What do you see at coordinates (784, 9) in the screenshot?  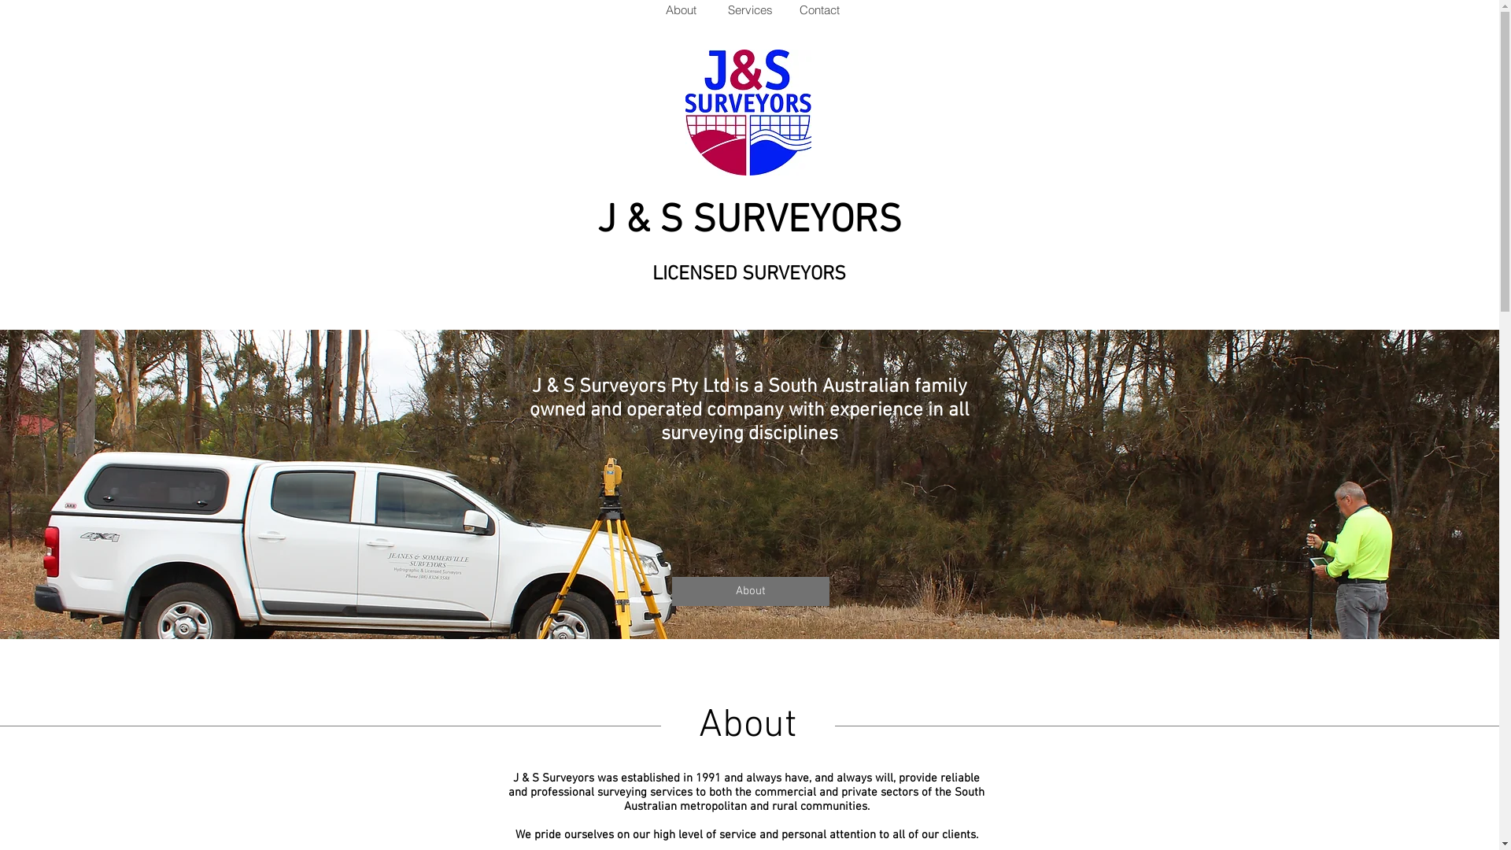 I see `'Contact'` at bounding box center [784, 9].